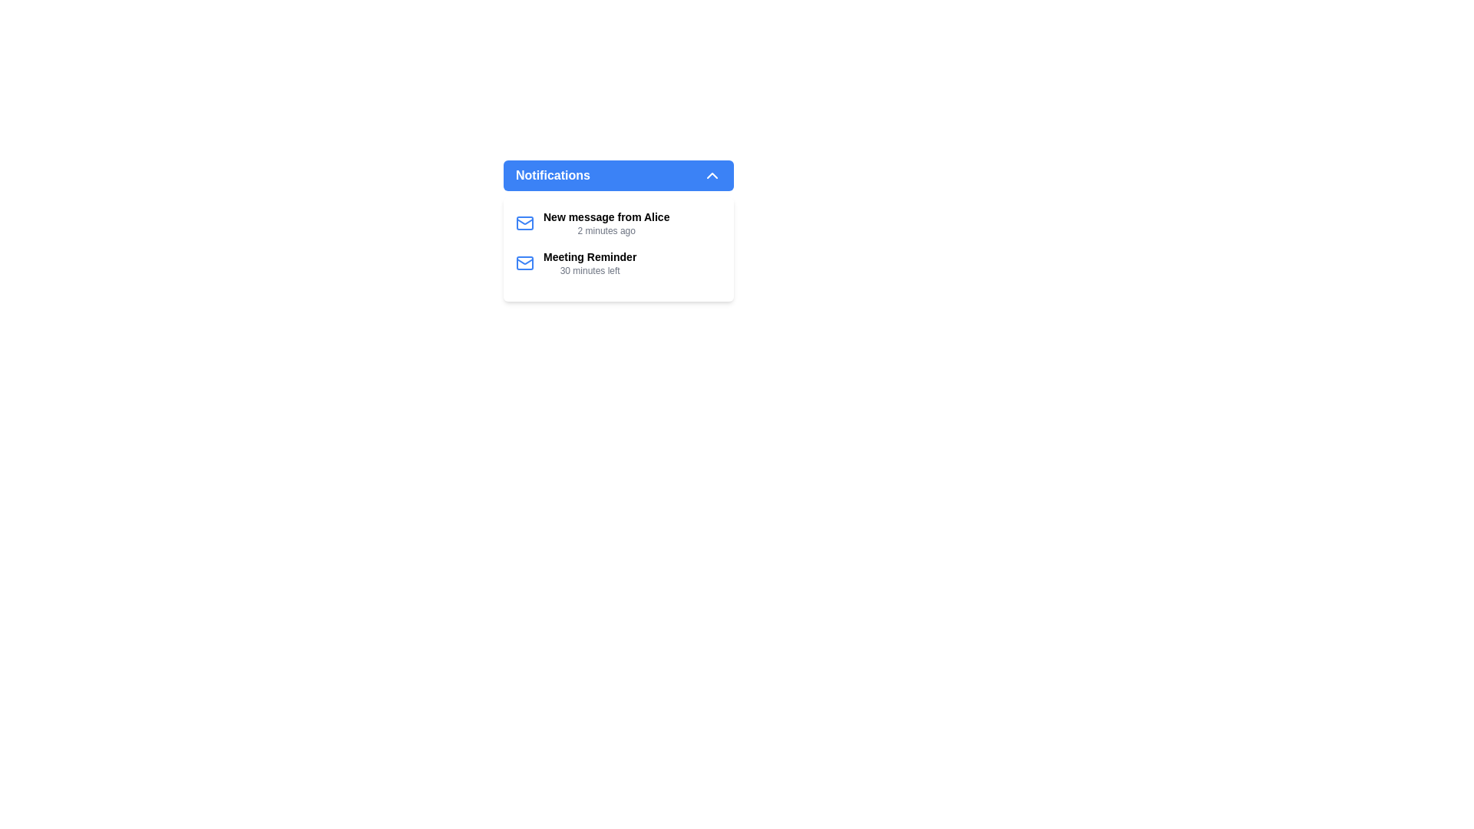  I want to click on the blue rectangular 'Notifications' dropdown toggle button with rounded corners, so click(619, 174).